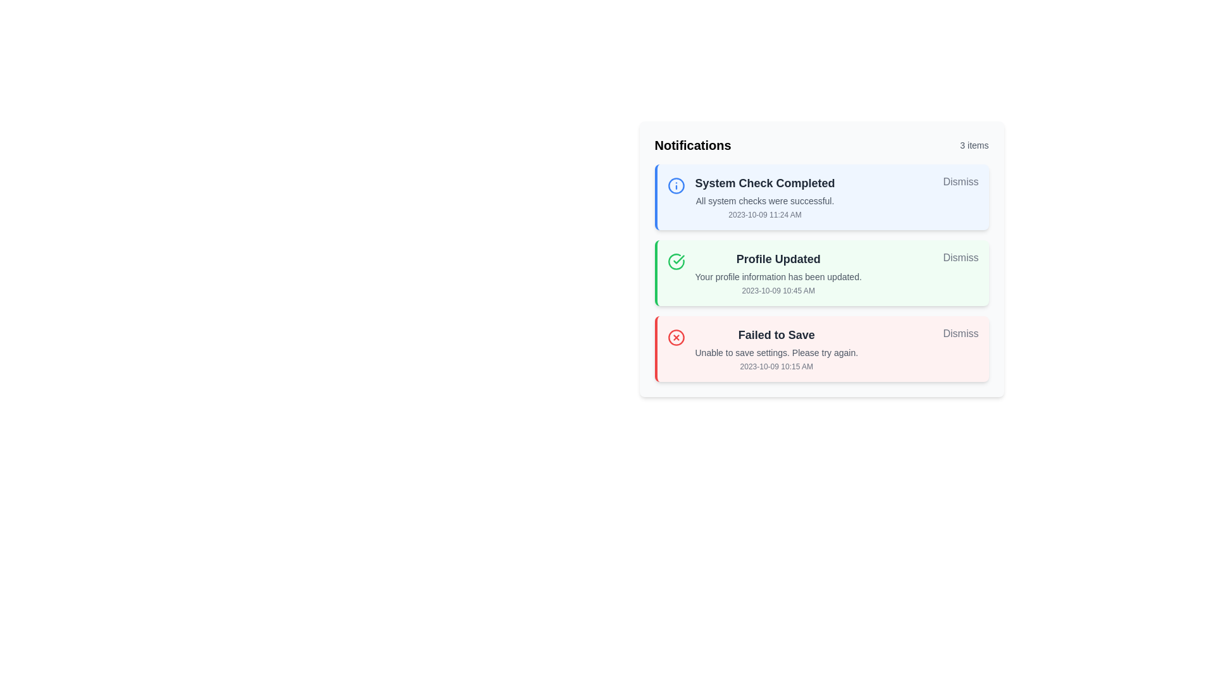 Image resolution: width=1215 pixels, height=683 pixels. I want to click on information presented in the notification text that says 'Unable to save settings. Please try again.' which is styled with subtle gray text and is part of the 'Failed to Save' notification box, so click(776, 359).